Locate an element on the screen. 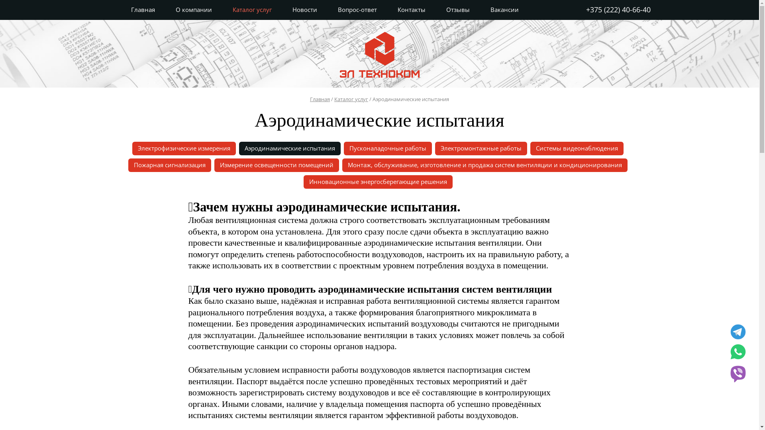 This screenshot has width=765, height=430. '+375 (222) 40-66-40' is located at coordinates (617, 9).